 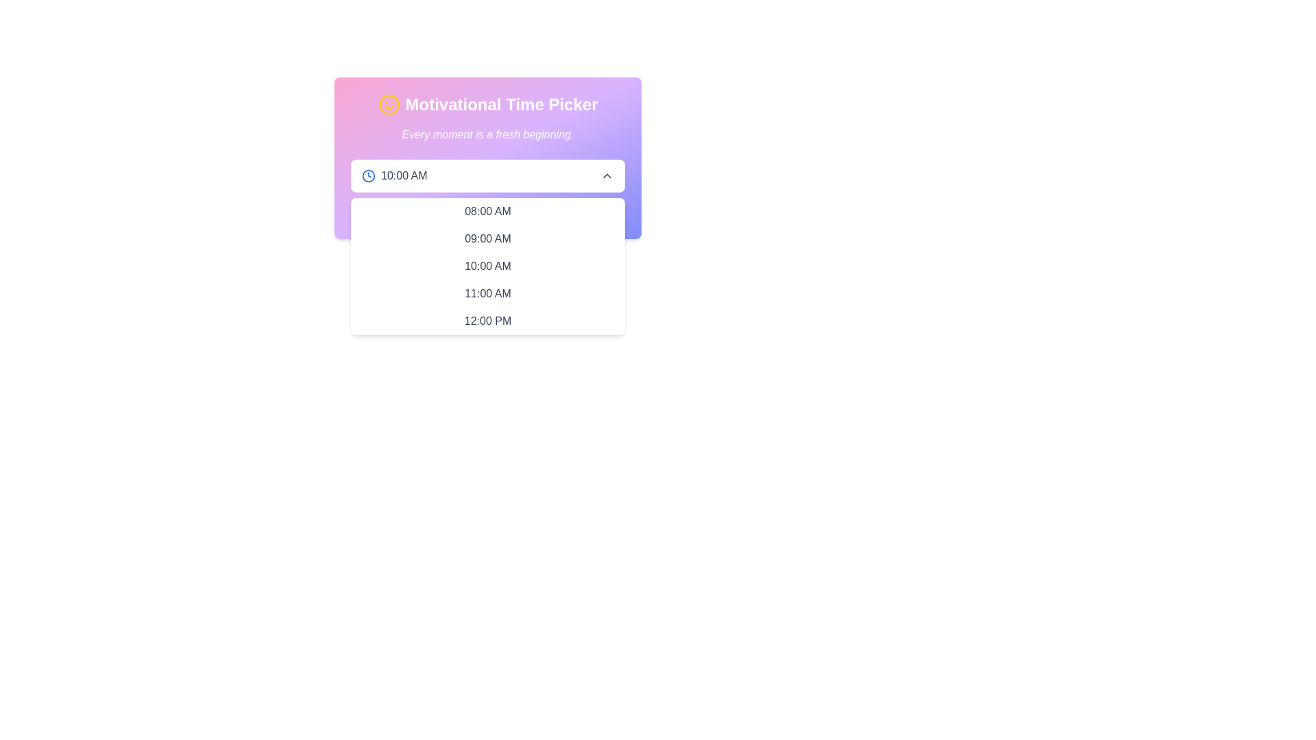 What do you see at coordinates (487, 104) in the screenshot?
I see `the Heading label with an icon at the top of the card component, which serves as a title for the time picker interface` at bounding box center [487, 104].